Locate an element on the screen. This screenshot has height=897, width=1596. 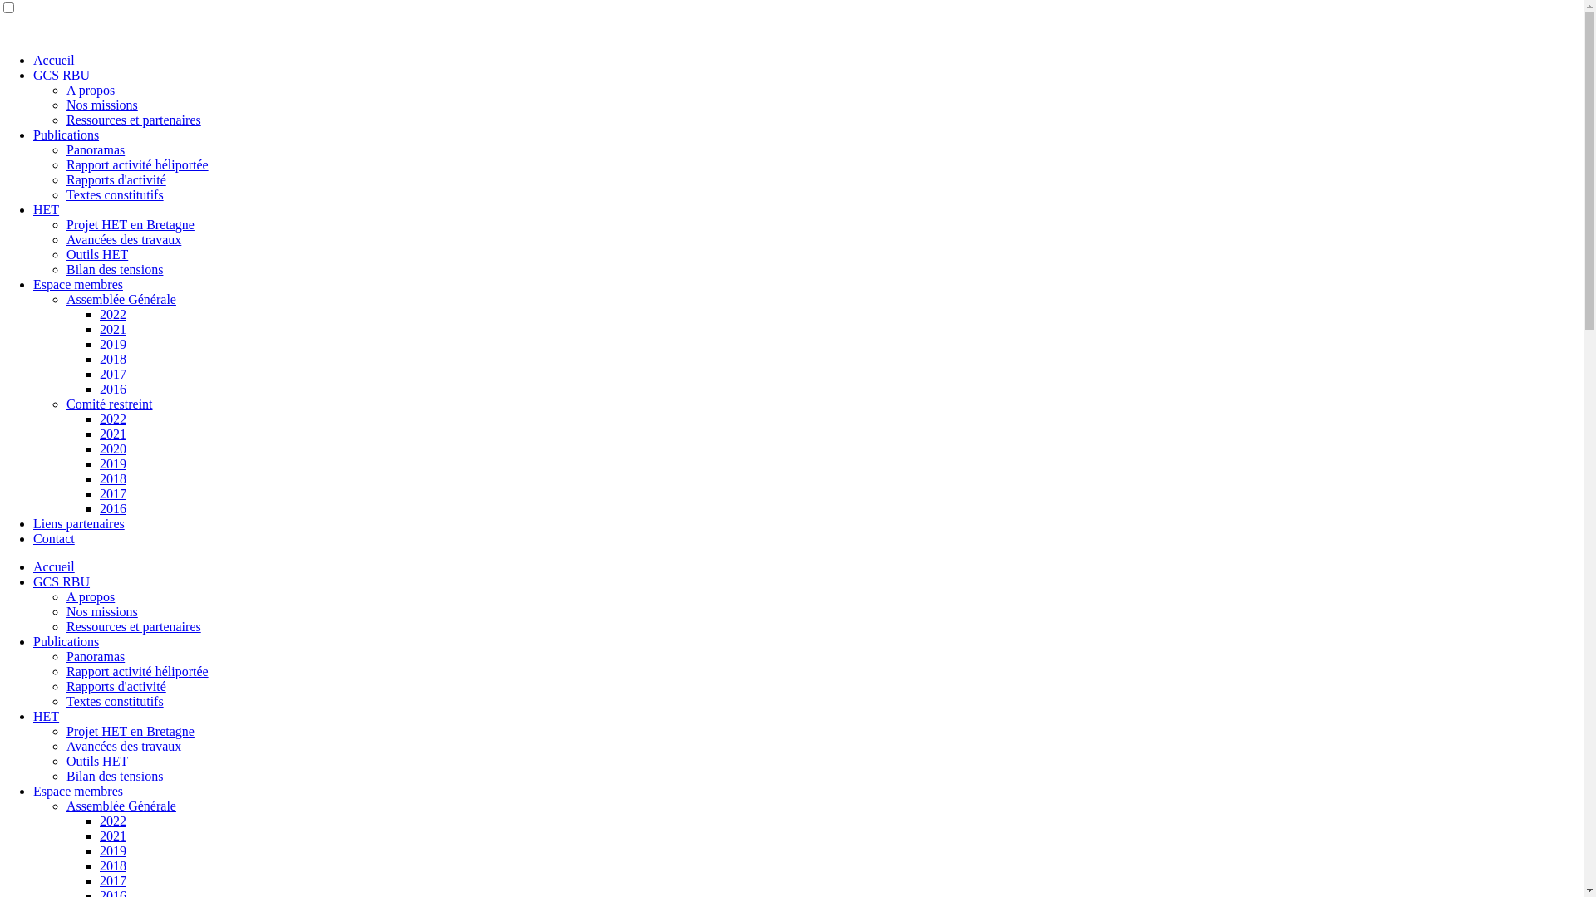
'2020' is located at coordinates (111, 448).